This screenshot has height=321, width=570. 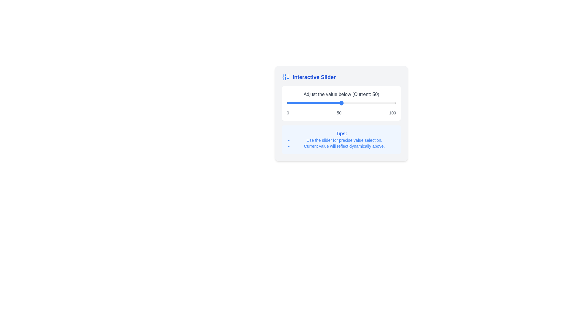 What do you see at coordinates (341, 113) in the screenshot?
I see `the label component for the slider, which displays the numbers '0', '50', and '100'` at bounding box center [341, 113].